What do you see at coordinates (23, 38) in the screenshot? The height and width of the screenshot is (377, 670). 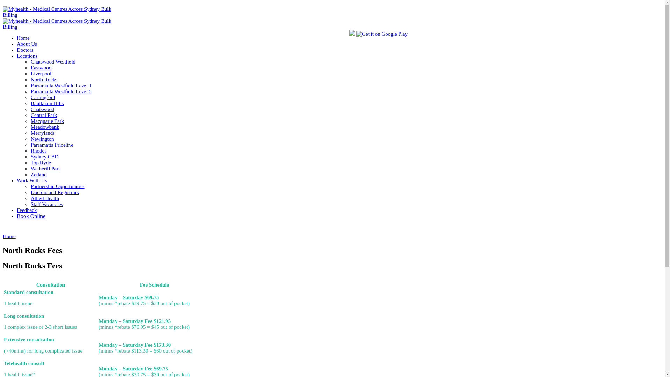 I see `'Home'` at bounding box center [23, 38].